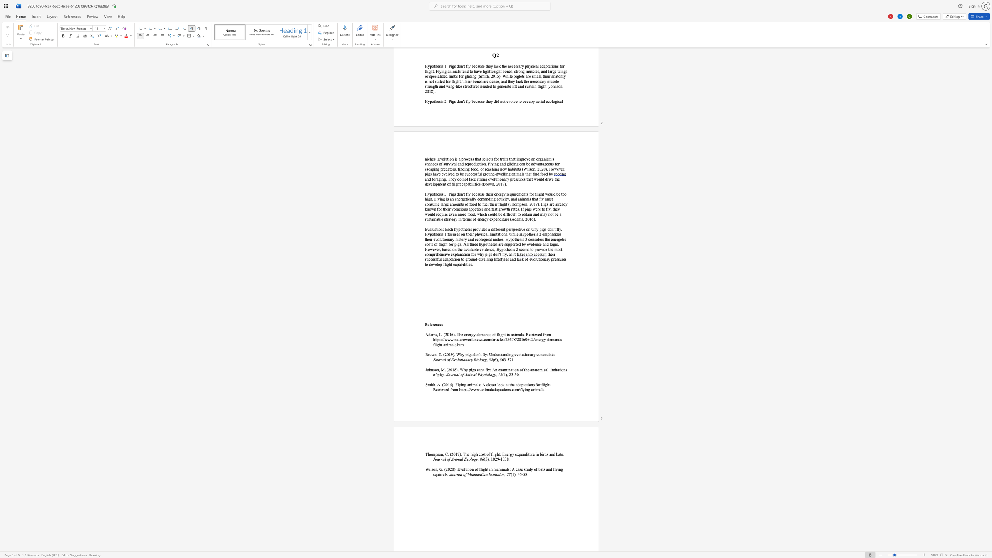 The image size is (992, 558). I want to click on the space between the continuous character "1" and "8" in the text, so click(454, 369).